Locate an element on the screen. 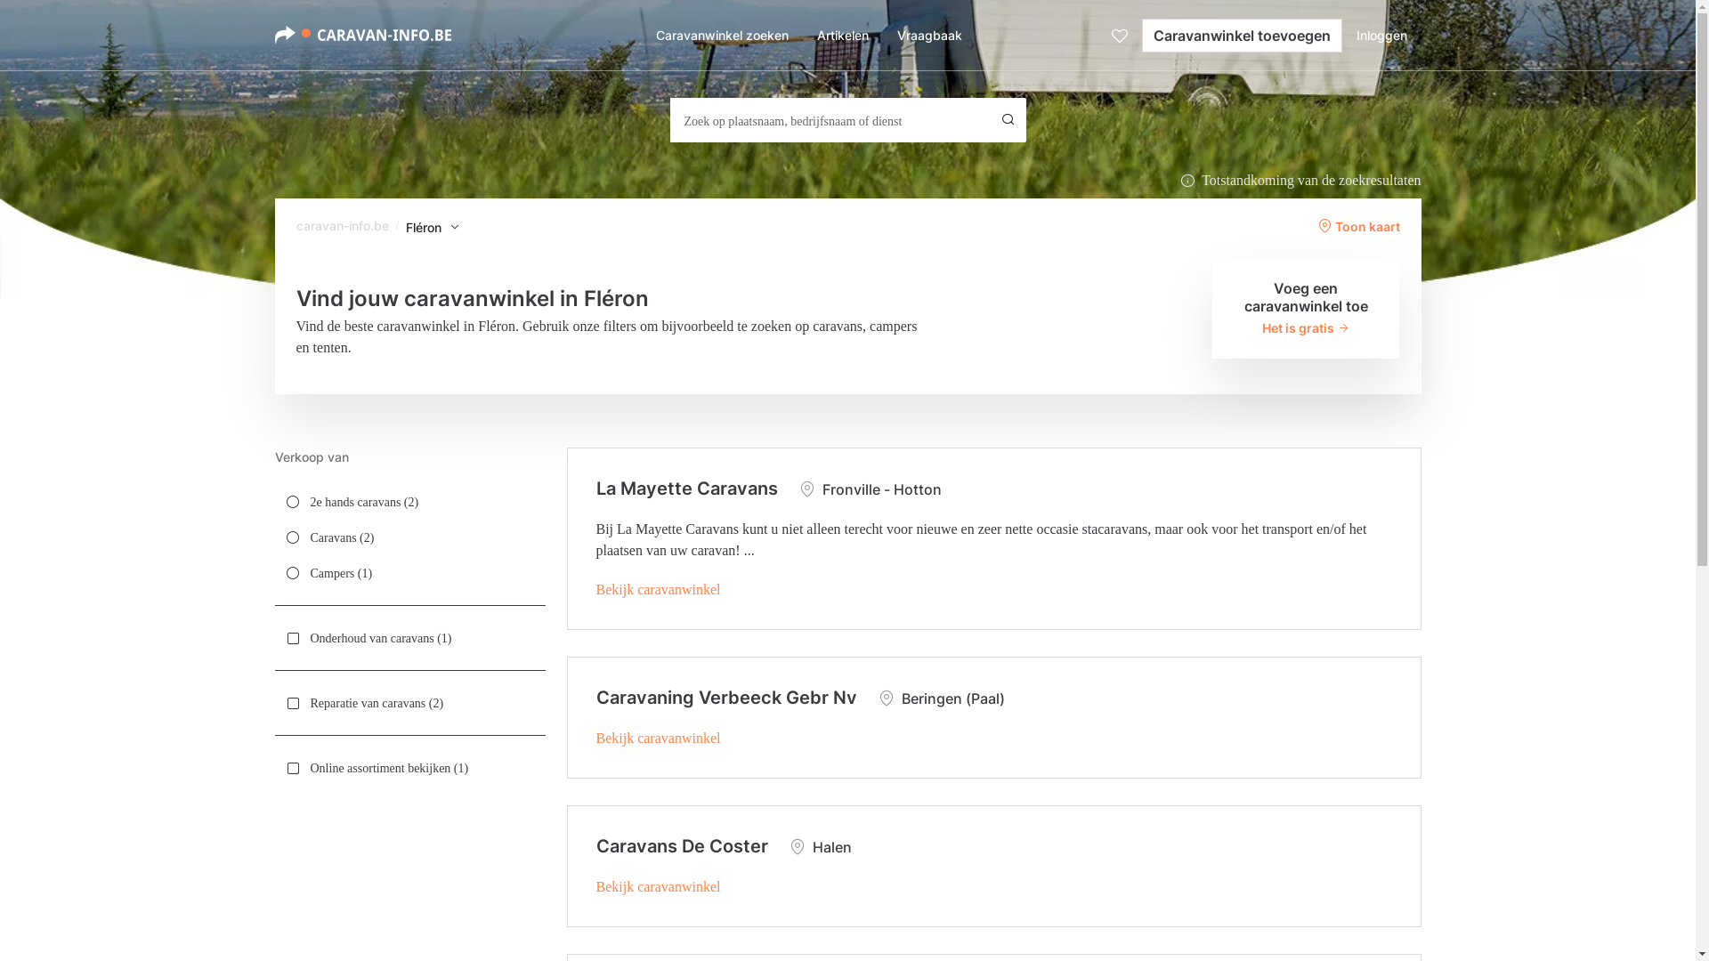 This screenshot has width=1709, height=961. 'Bekijk caravanwinkel' is located at coordinates (657, 589).